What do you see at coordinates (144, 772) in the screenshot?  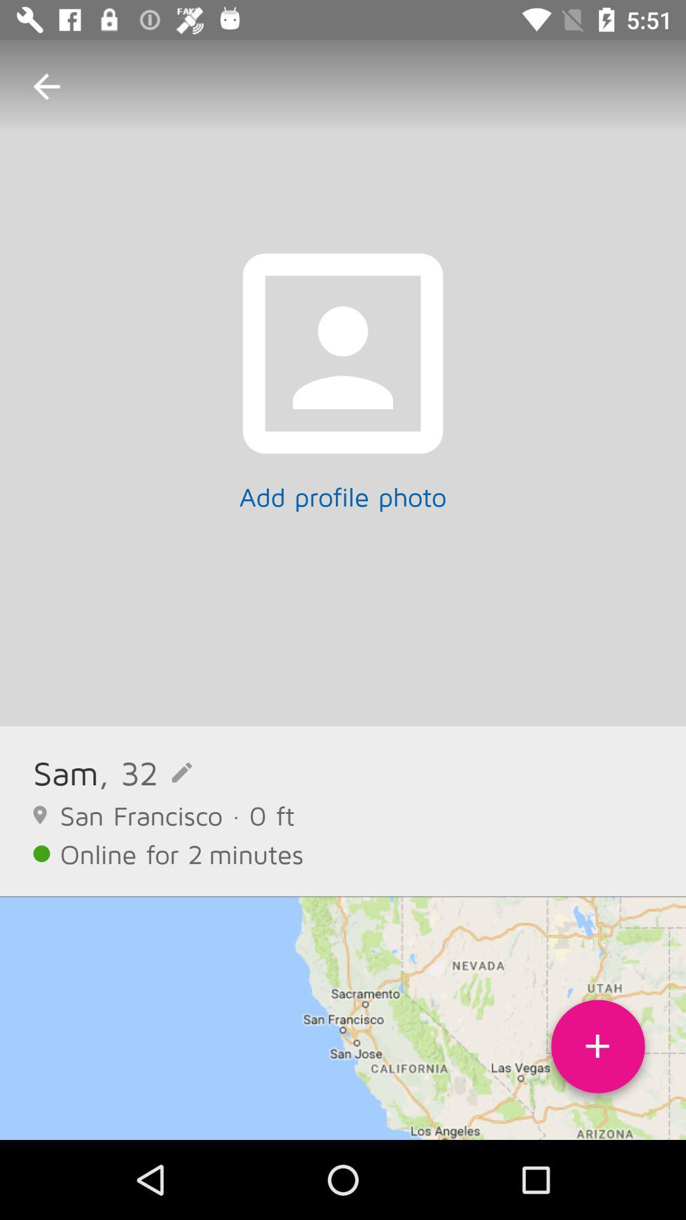 I see `icon next to sam item` at bounding box center [144, 772].